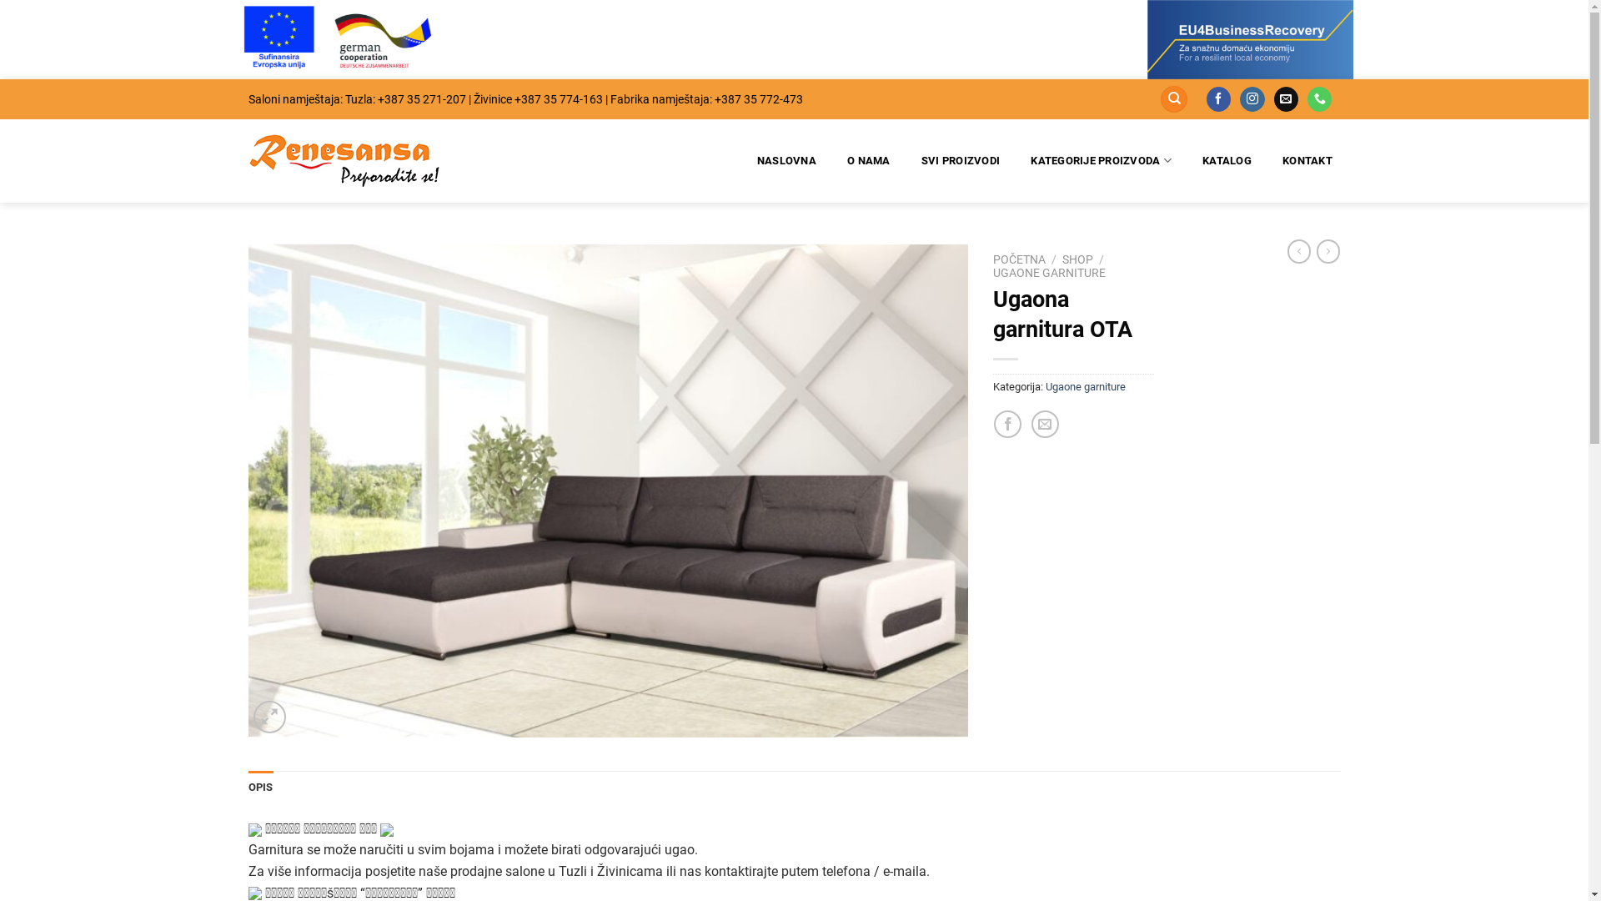 Image resolution: width=1601 pixels, height=901 pixels. What do you see at coordinates (1218, 99) in the screenshot?
I see `'Follow on Facebook'` at bounding box center [1218, 99].